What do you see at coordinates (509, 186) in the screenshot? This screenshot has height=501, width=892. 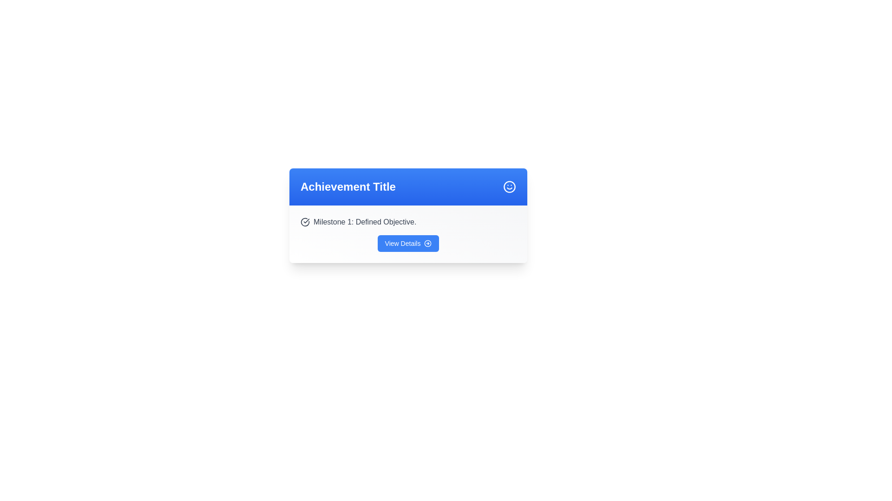 I see `the blue circular shape that forms the outer boundary of the smiley face icon, located near the top-right corner of the blue header section containing the title 'Achievement Title'` at bounding box center [509, 186].